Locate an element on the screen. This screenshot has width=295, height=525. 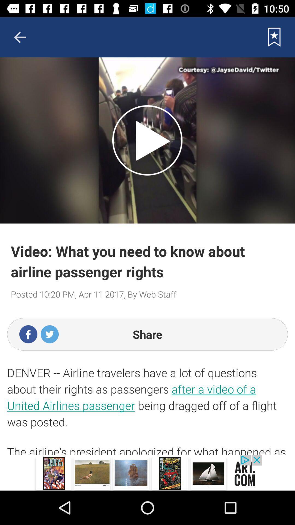
the app is located at coordinates (147, 472).